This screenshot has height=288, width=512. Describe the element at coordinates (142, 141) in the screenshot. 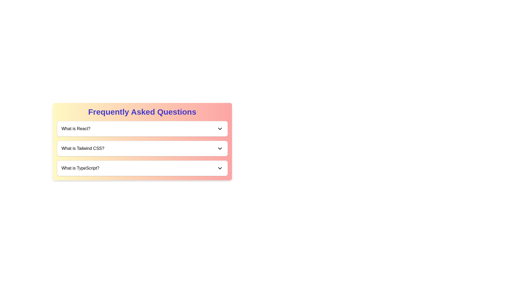

I see `the 'Frequently Asked Questions' Content Panel to interact with specific questions` at that location.